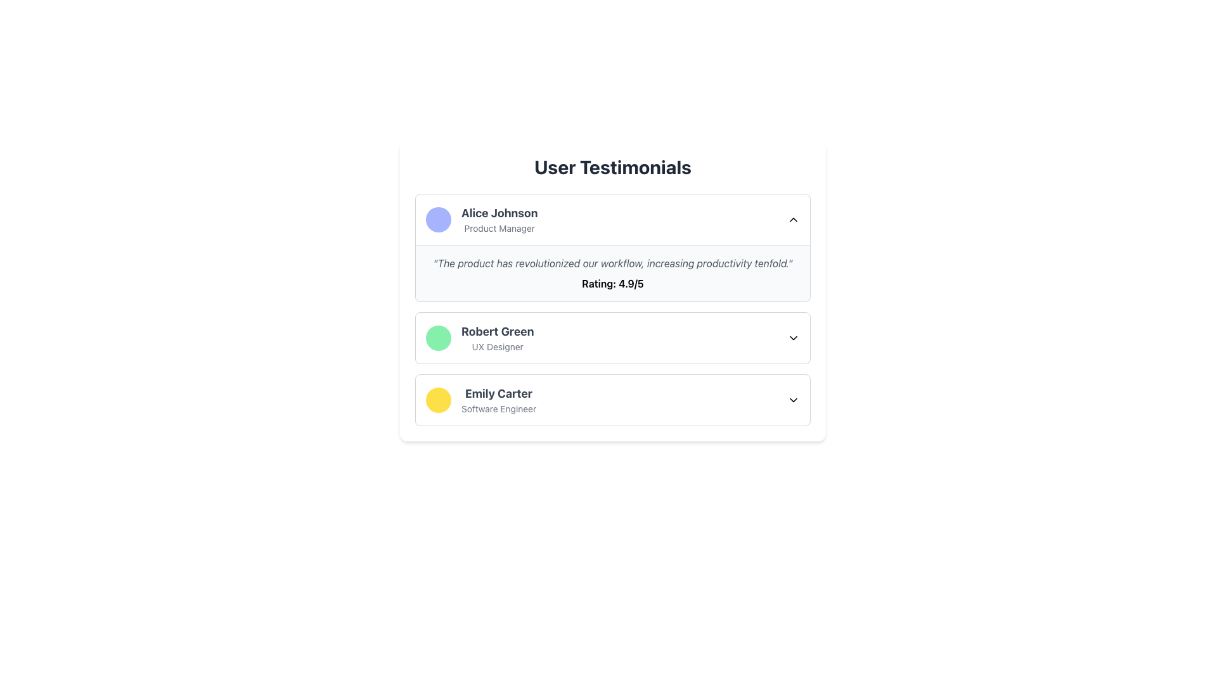 This screenshot has height=684, width=1217. I want to click on testimonial displayed in the text block for 'Alice Johnson', which is centered on her testimonial card, positioned below her name and title, so click(612, 272).